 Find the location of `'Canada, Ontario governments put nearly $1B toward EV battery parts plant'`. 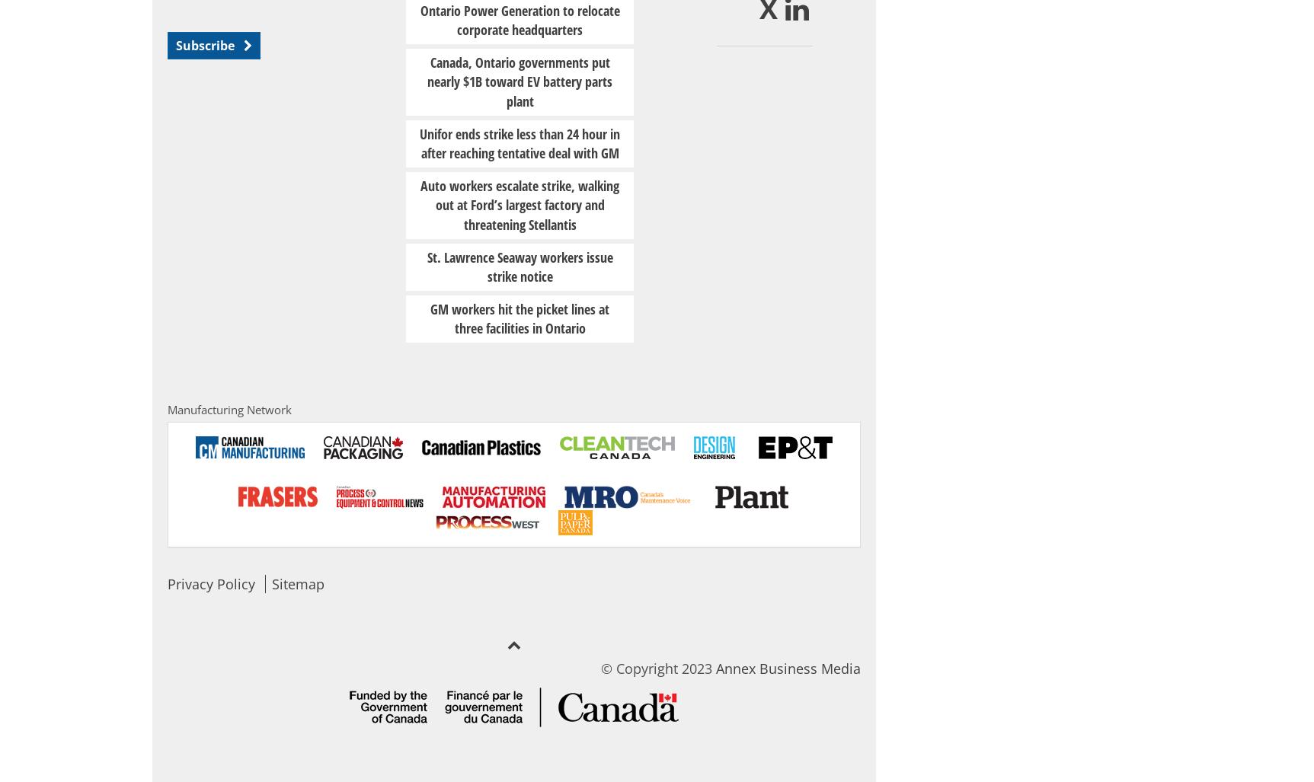

'Canada, Ontario governments put nearly $1B toward EV battery parts plant' is located at coordinates (426, 81).